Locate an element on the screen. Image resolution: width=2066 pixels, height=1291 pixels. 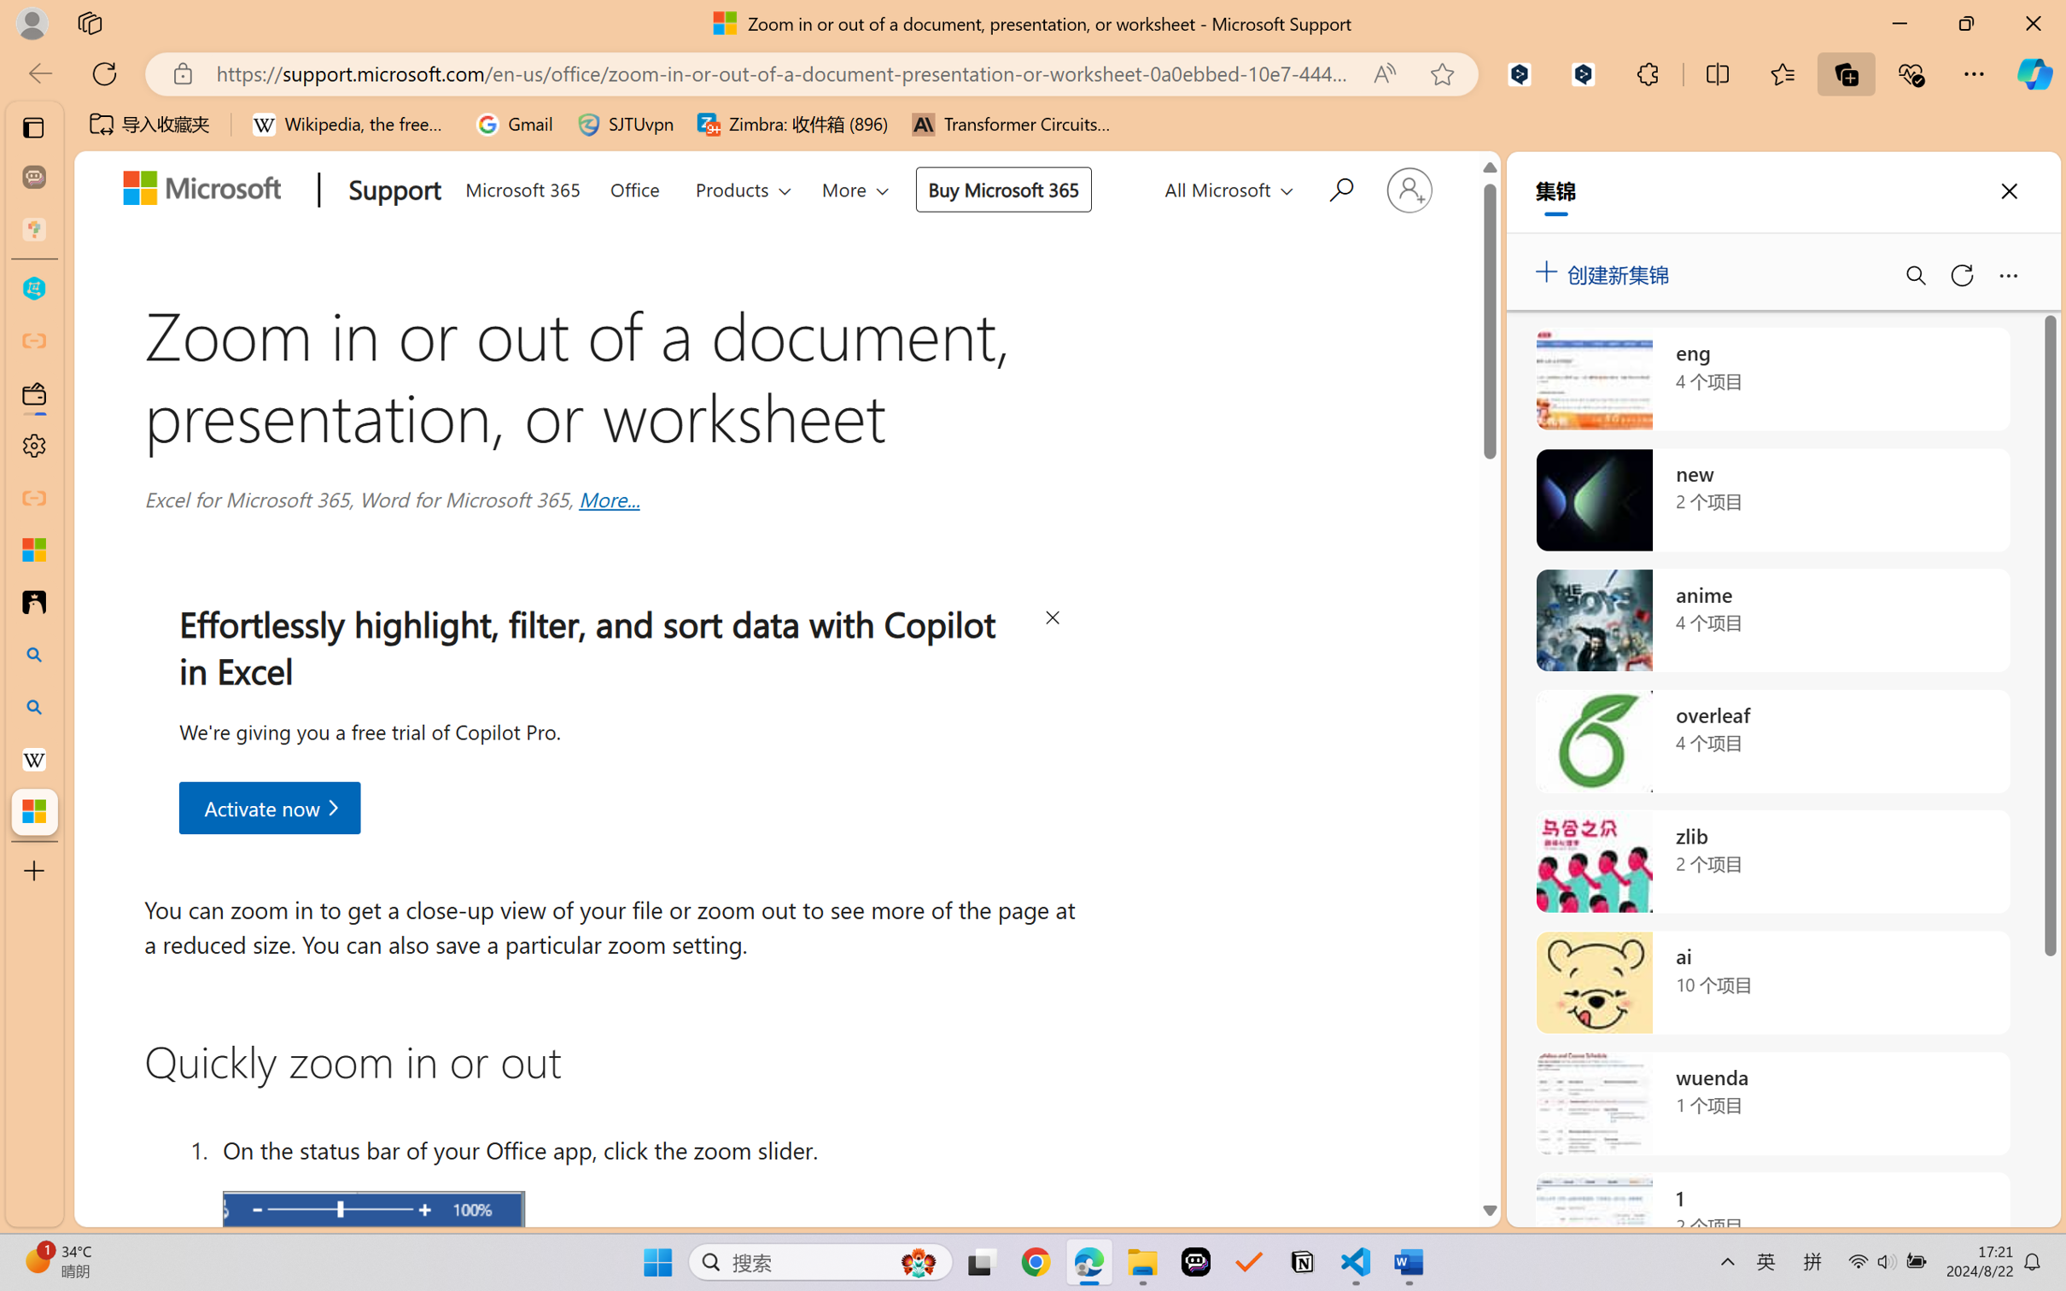
'Earth - Wikipedia' is located at coordinates (33, 757).